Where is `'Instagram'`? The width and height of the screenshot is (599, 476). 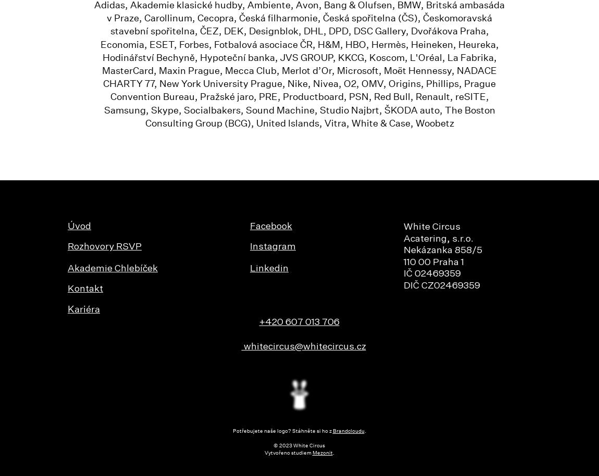
'Instagram' is located at coordinates (273, 247).